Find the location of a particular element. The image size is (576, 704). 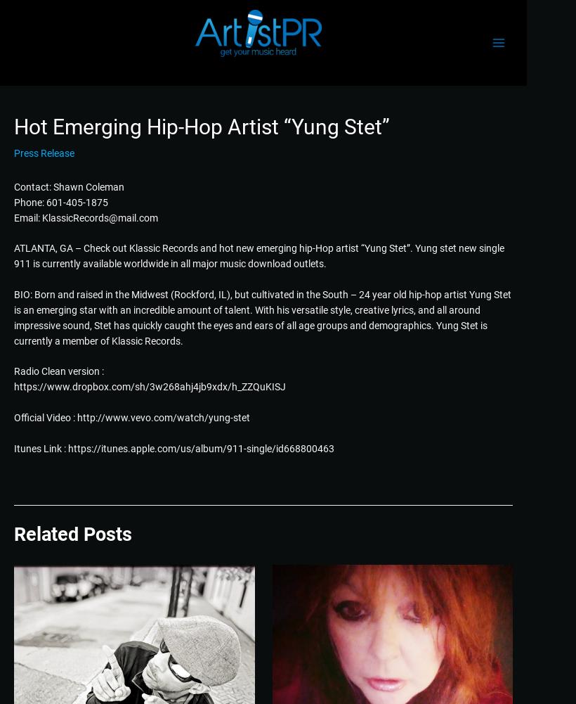

'Press Release' is located at coordinates (44, 152).